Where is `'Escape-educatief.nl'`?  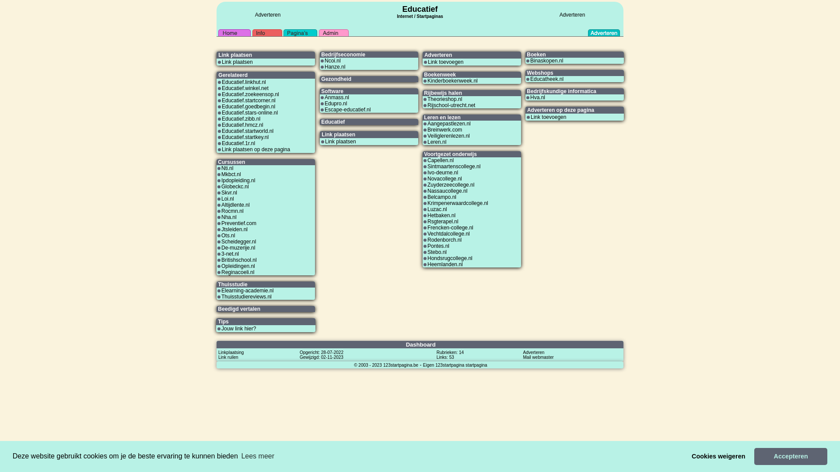
'Escape-educatief.nl' is located at coordinates (347, 109).